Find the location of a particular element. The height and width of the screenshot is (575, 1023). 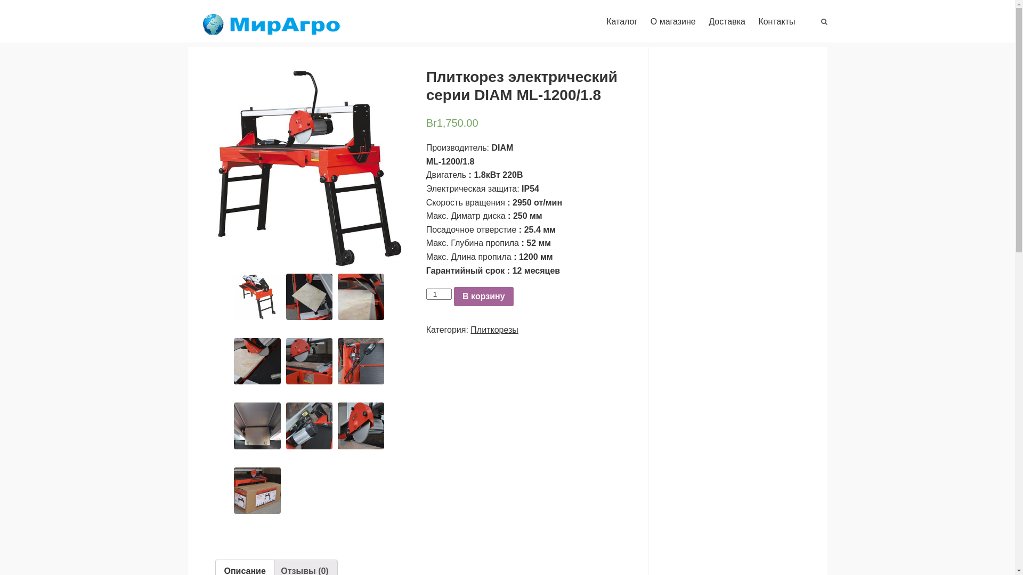

'ML-1200-min' is located at coordinates (308, 168).